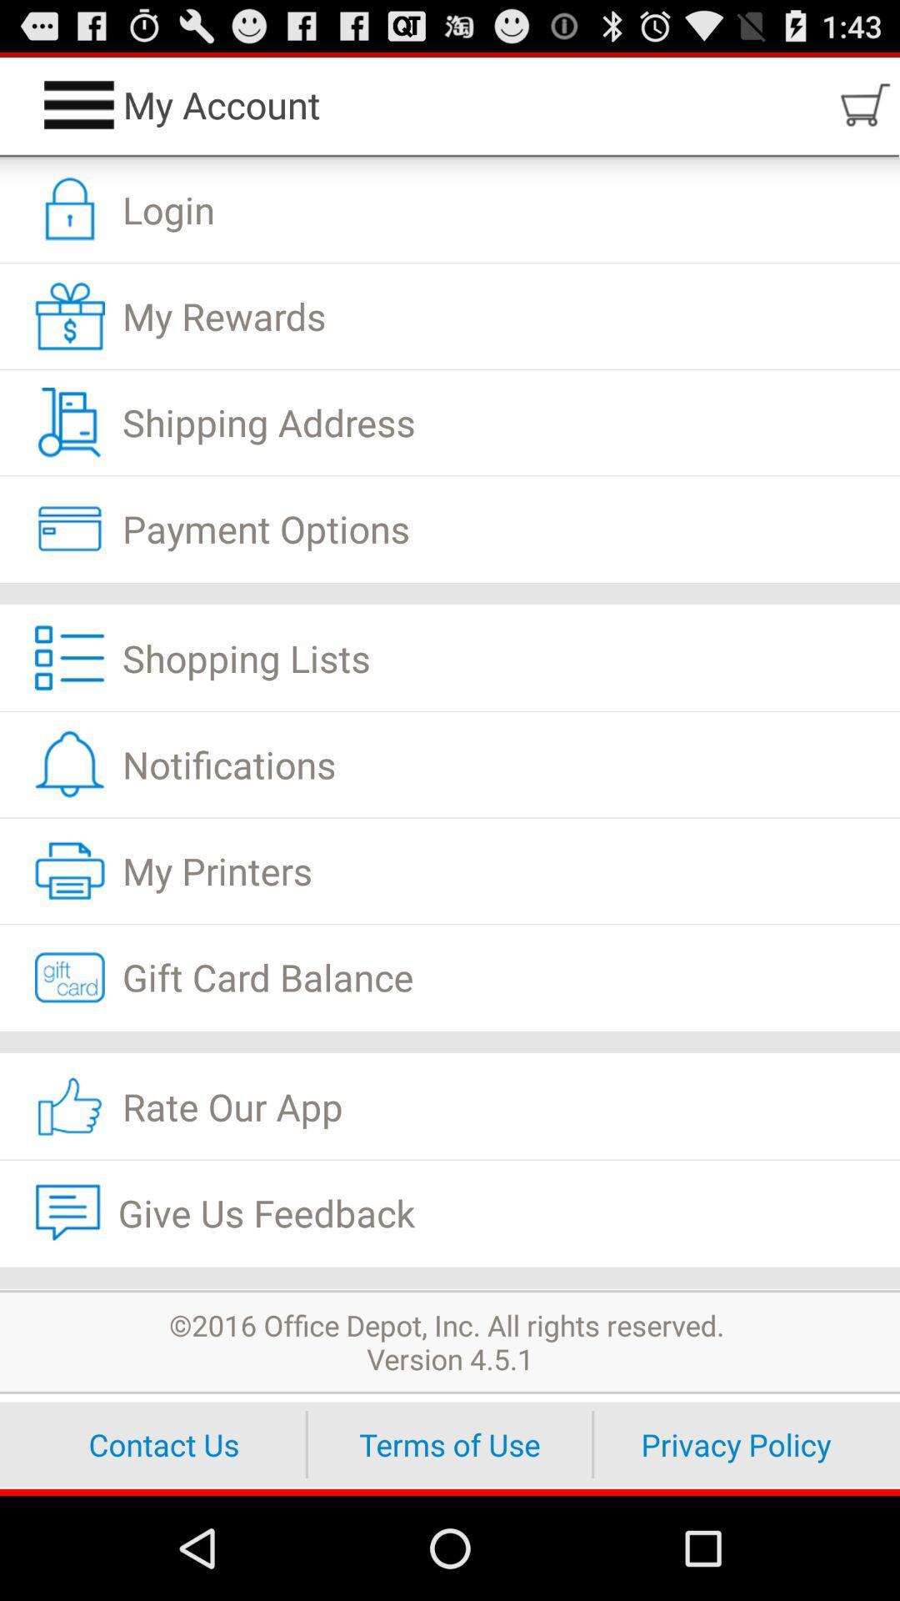 The image size is (900, 1601). What do you see at coordinates (163, 1443) in the screenshot?
I see `the contact us item` at bounding box center [163, 1443].